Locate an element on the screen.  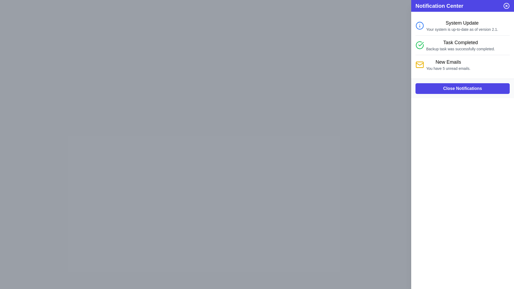
the green circular icon that indicates 'Task Completed', located to the left of the notification text in the second notification entry is located at coordinates (421, 44).